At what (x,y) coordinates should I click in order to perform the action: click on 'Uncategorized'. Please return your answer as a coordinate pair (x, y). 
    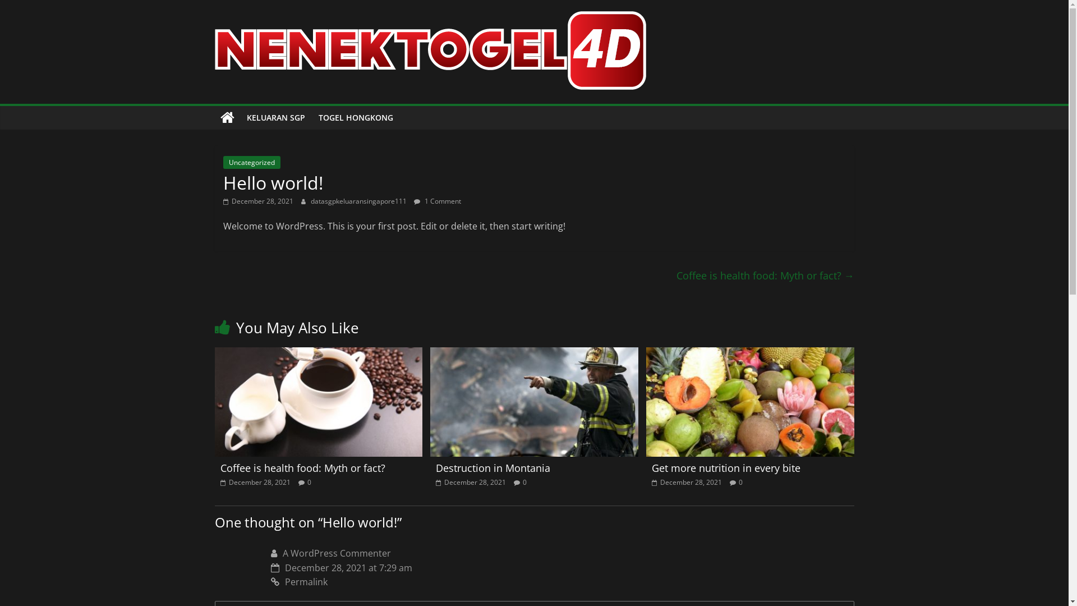
    Looking at the image, I should click on (251, 162).